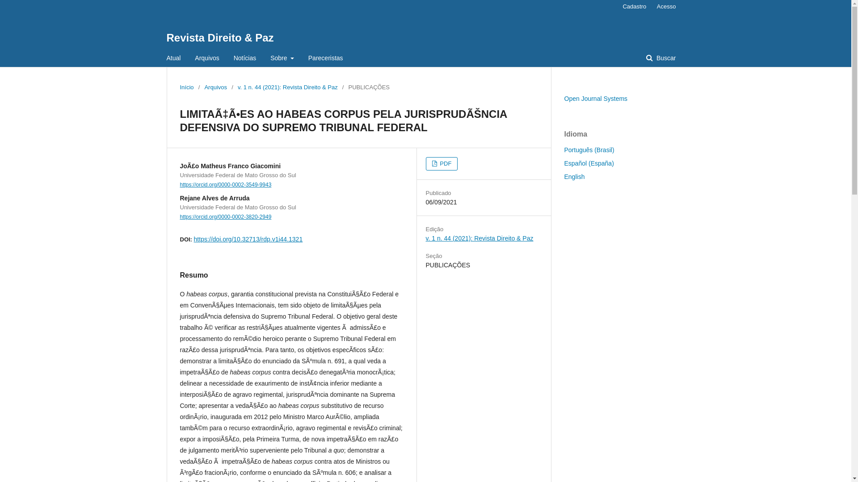  What do you see at coordinates (596, 98) in the screenshot?
I see `'Open Journal Systems'` at bounding box center [596, 98].